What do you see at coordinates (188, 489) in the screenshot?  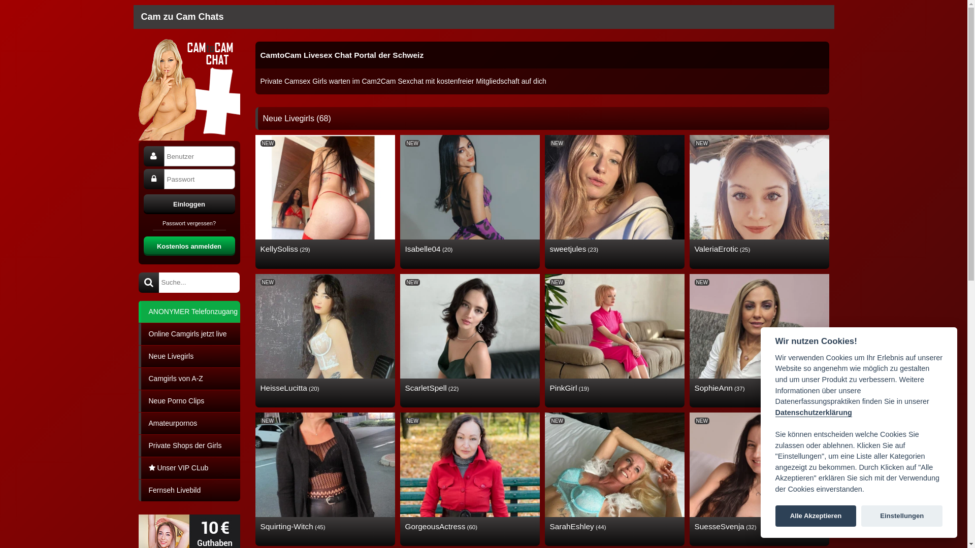 I see `'Fernseh Livebild'` at bounding box center [188, 489].